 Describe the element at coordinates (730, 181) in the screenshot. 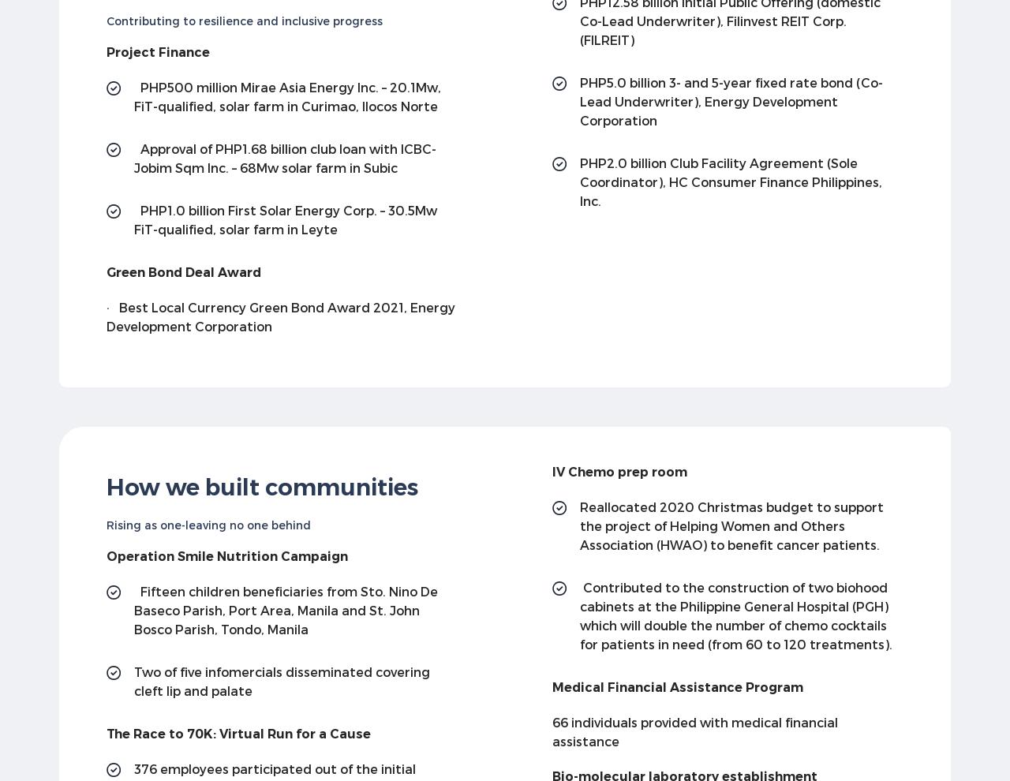

I see `'PHP2.0 billion Club Facility Agreement (Sole Coordinator), HC Consumer Finance Philippines, Inc.'` at that location.